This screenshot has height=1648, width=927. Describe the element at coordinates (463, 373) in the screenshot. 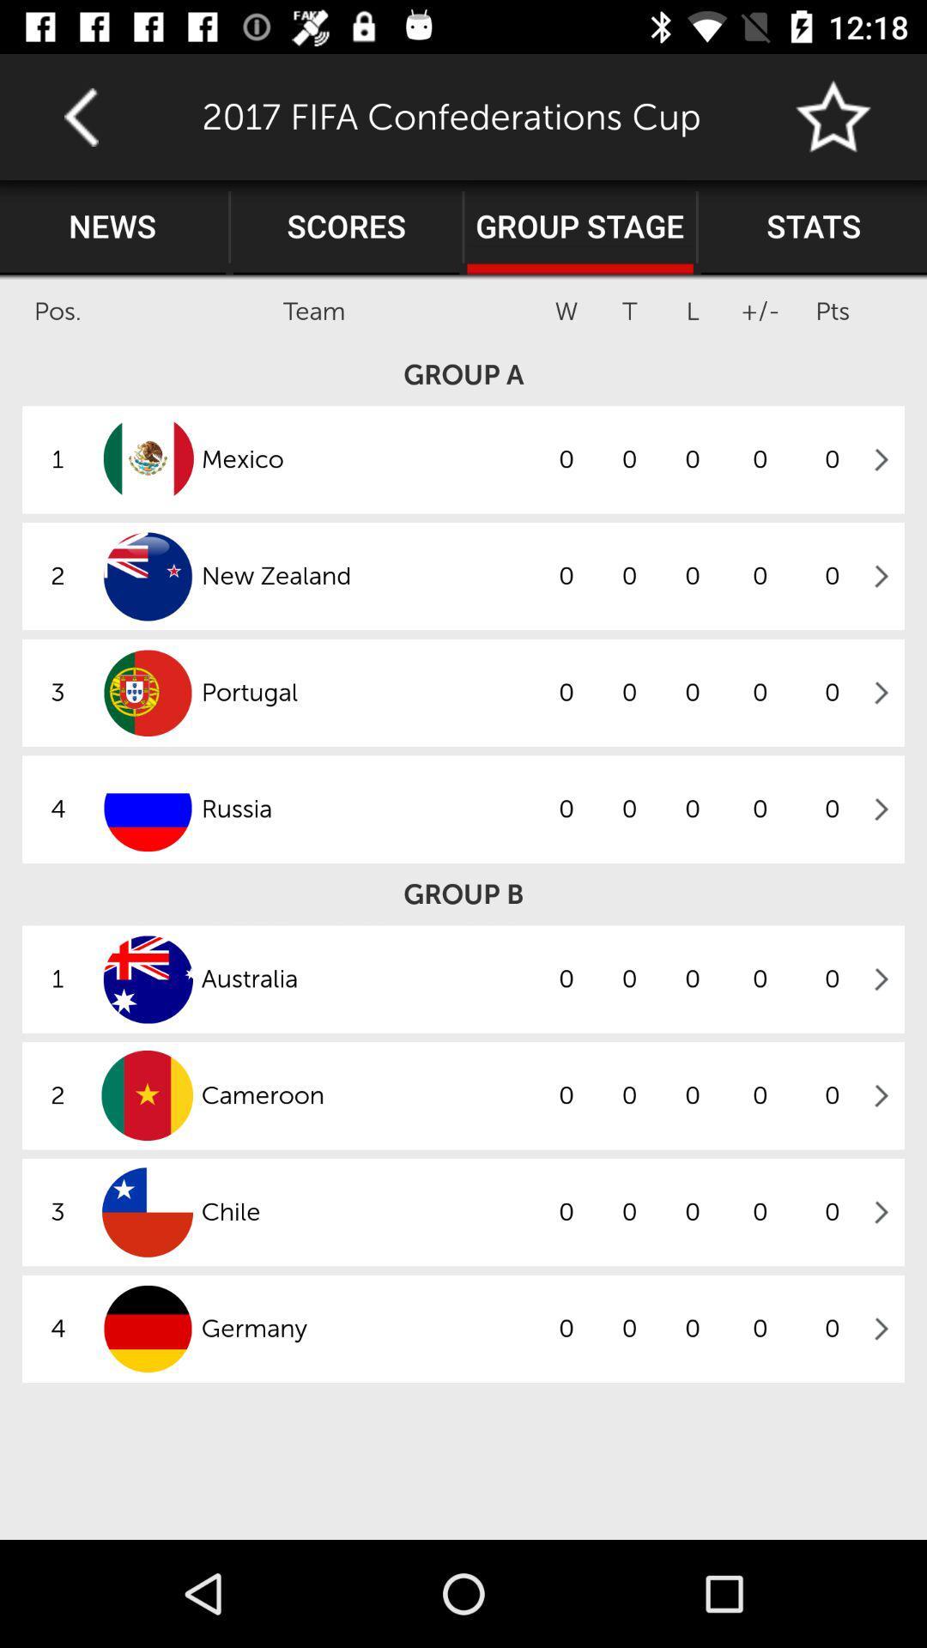

I see `item below the pos.` at that location.